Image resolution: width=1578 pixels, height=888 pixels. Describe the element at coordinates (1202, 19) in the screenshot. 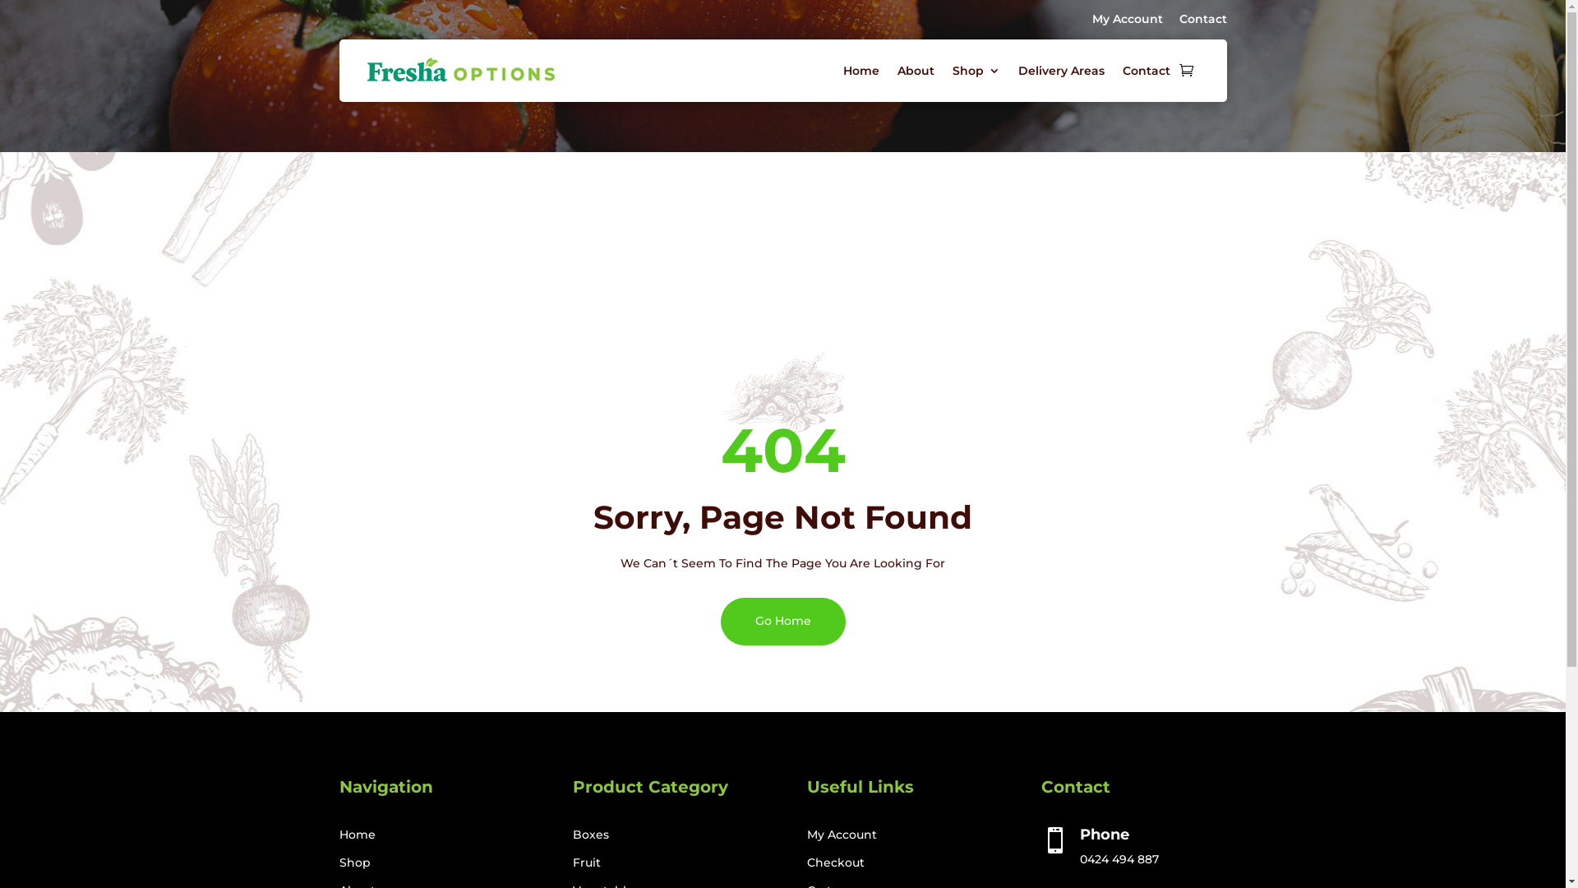

I see `'Contact'` at that location.